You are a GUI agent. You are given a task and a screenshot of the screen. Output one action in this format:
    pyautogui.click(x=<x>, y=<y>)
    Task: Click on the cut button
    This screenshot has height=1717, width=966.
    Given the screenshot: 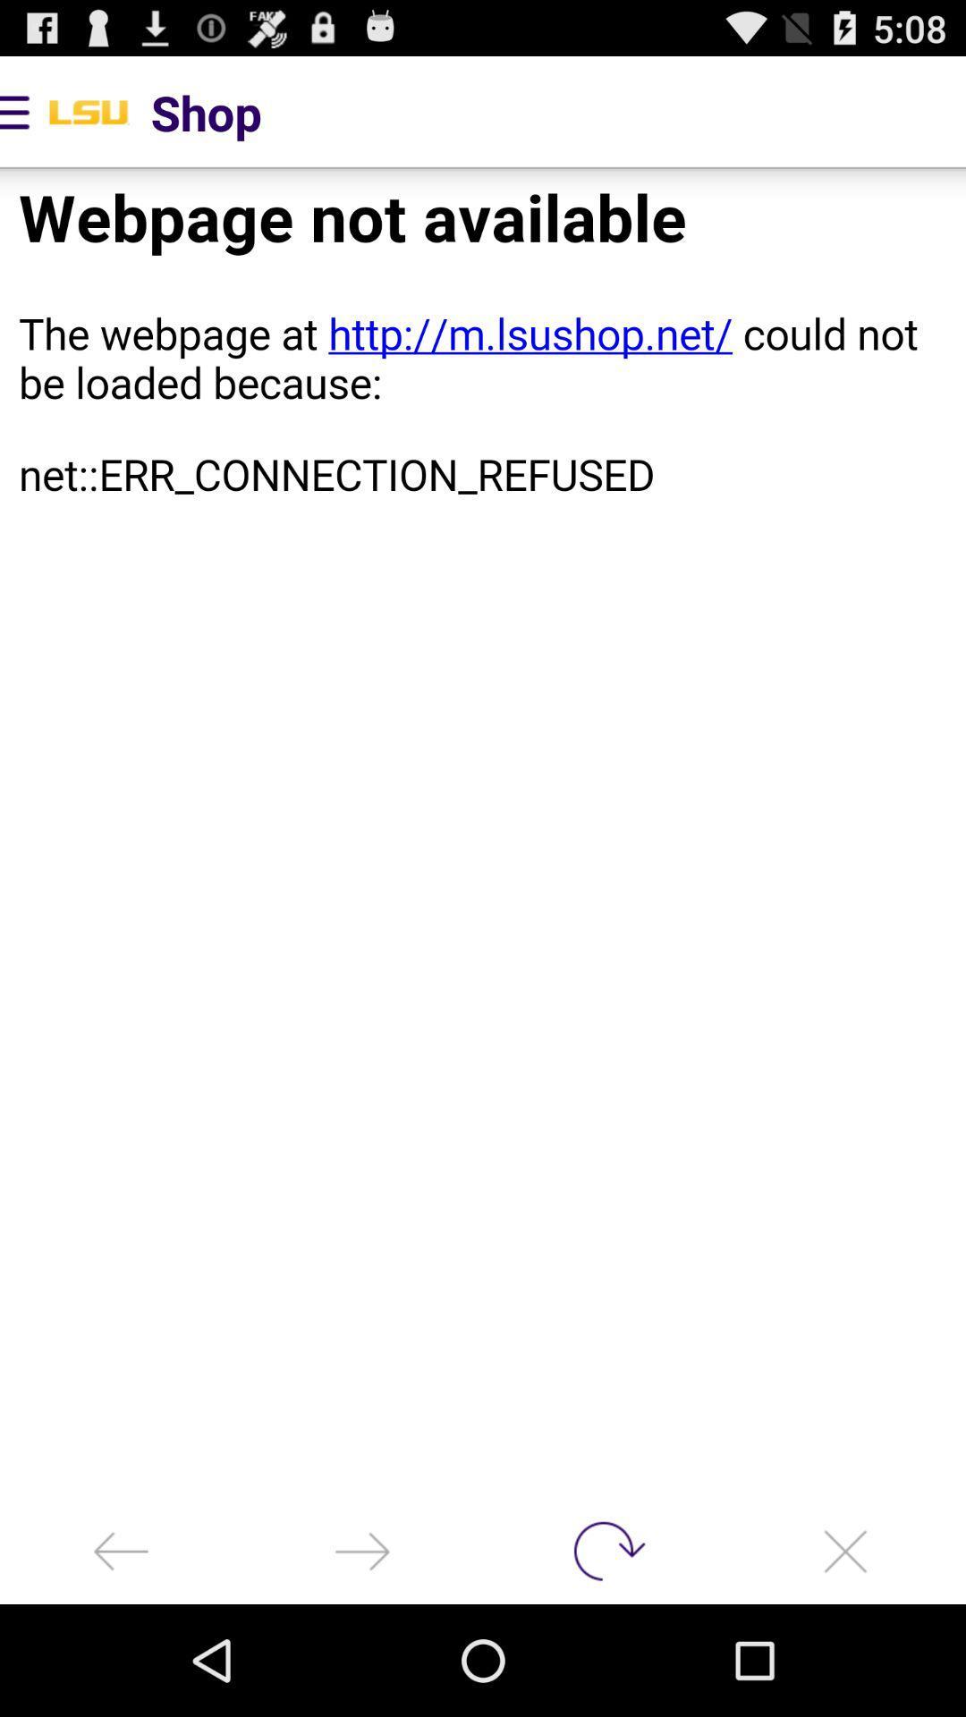 What is the action you would take?
    pyautogui.click(x=845, y=1550)
    